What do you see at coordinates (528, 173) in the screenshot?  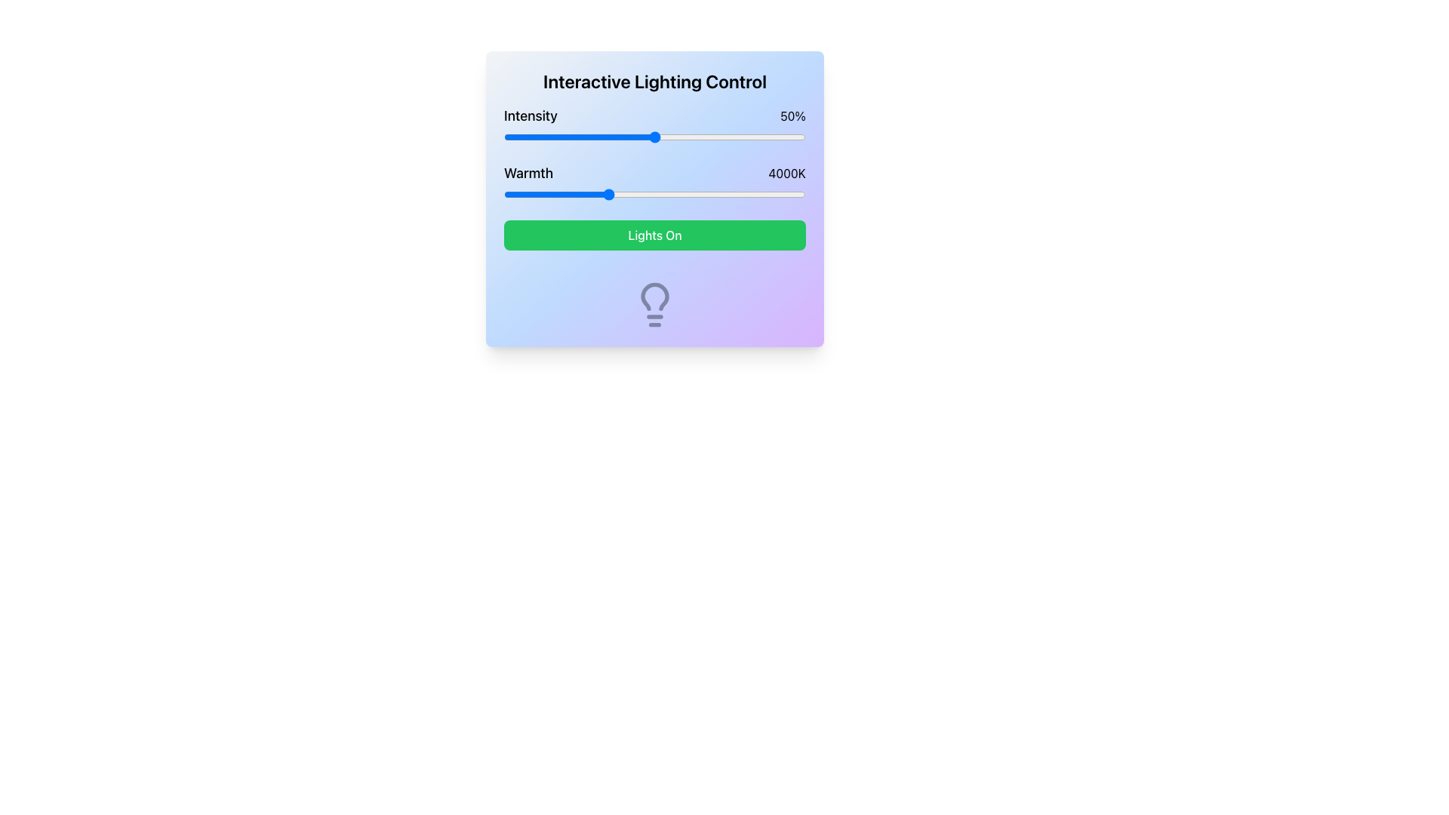 I see `the Text Label that describes the functionality of the adjacent warmth setting slider, located to the left of the numeric value '4000K'` at bounding box center [528, 173].